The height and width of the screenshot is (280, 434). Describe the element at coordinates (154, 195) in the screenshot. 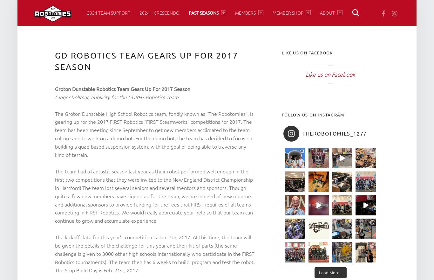

I see `'The team had a fantastic season last year as their robot performed well enough in the first two competitions that they were invited to the New England District Championship in Hartford! The team lost several seniors and several mentors and sponsors. Though quite a few new members have signed up for the team, we are in need of new mentors and additional sponsors to provide funding for the fees that FIRST requires of all teams competing in FIRST Robotics. We would really appreciate your help so that our team can continue to grow and accumulate experience.'` at that location.